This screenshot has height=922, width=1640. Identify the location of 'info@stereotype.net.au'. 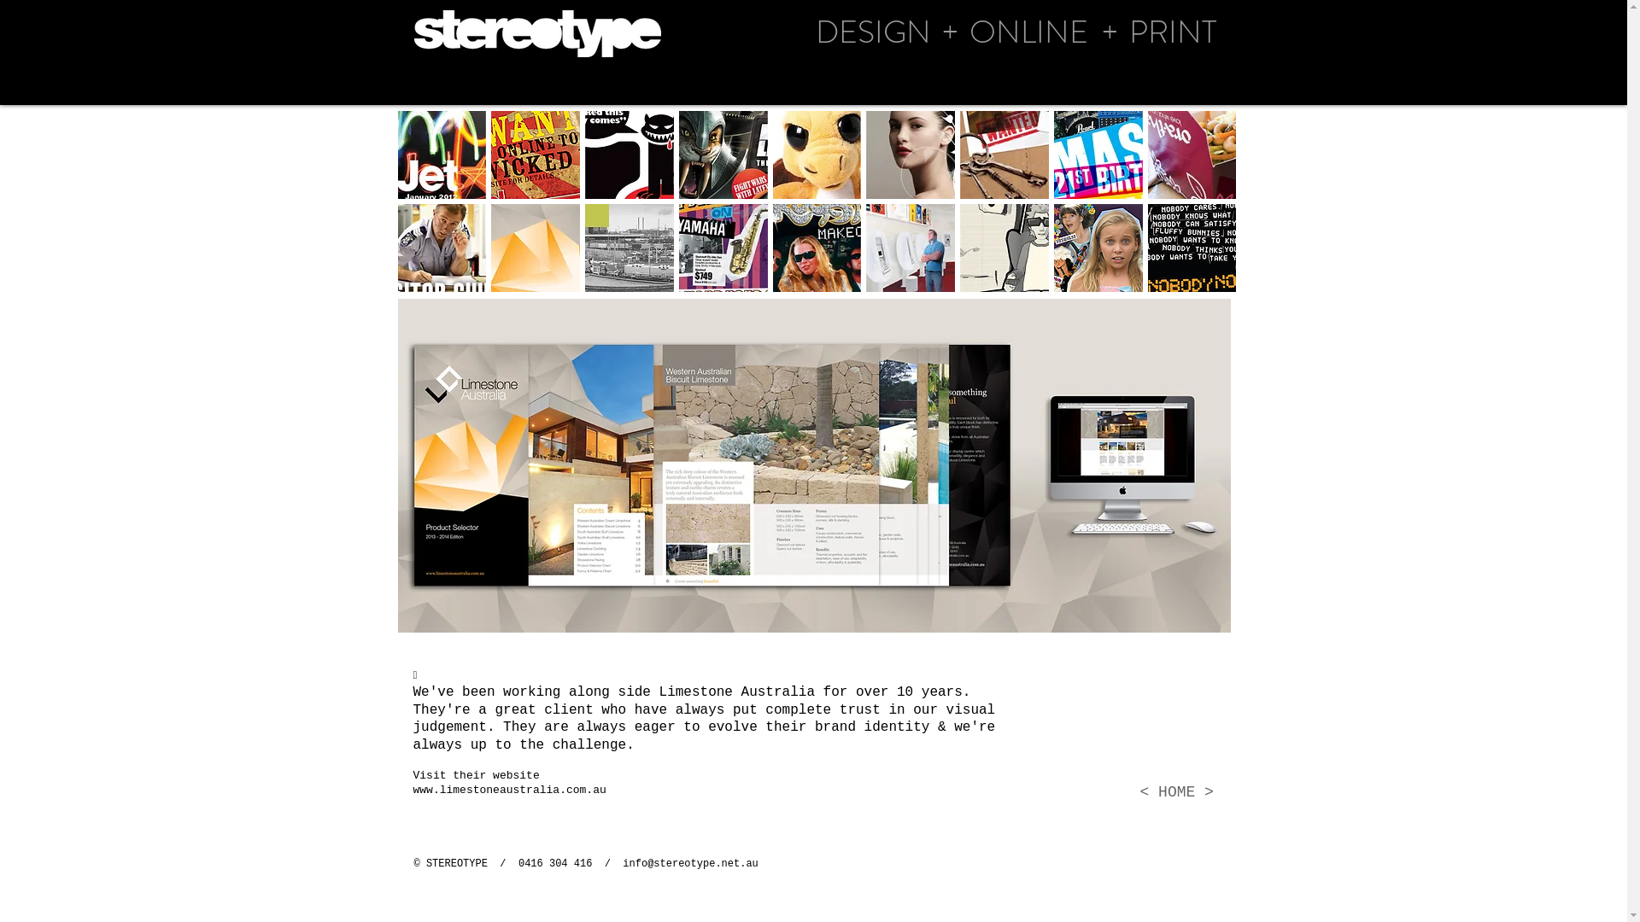
(622, 863).